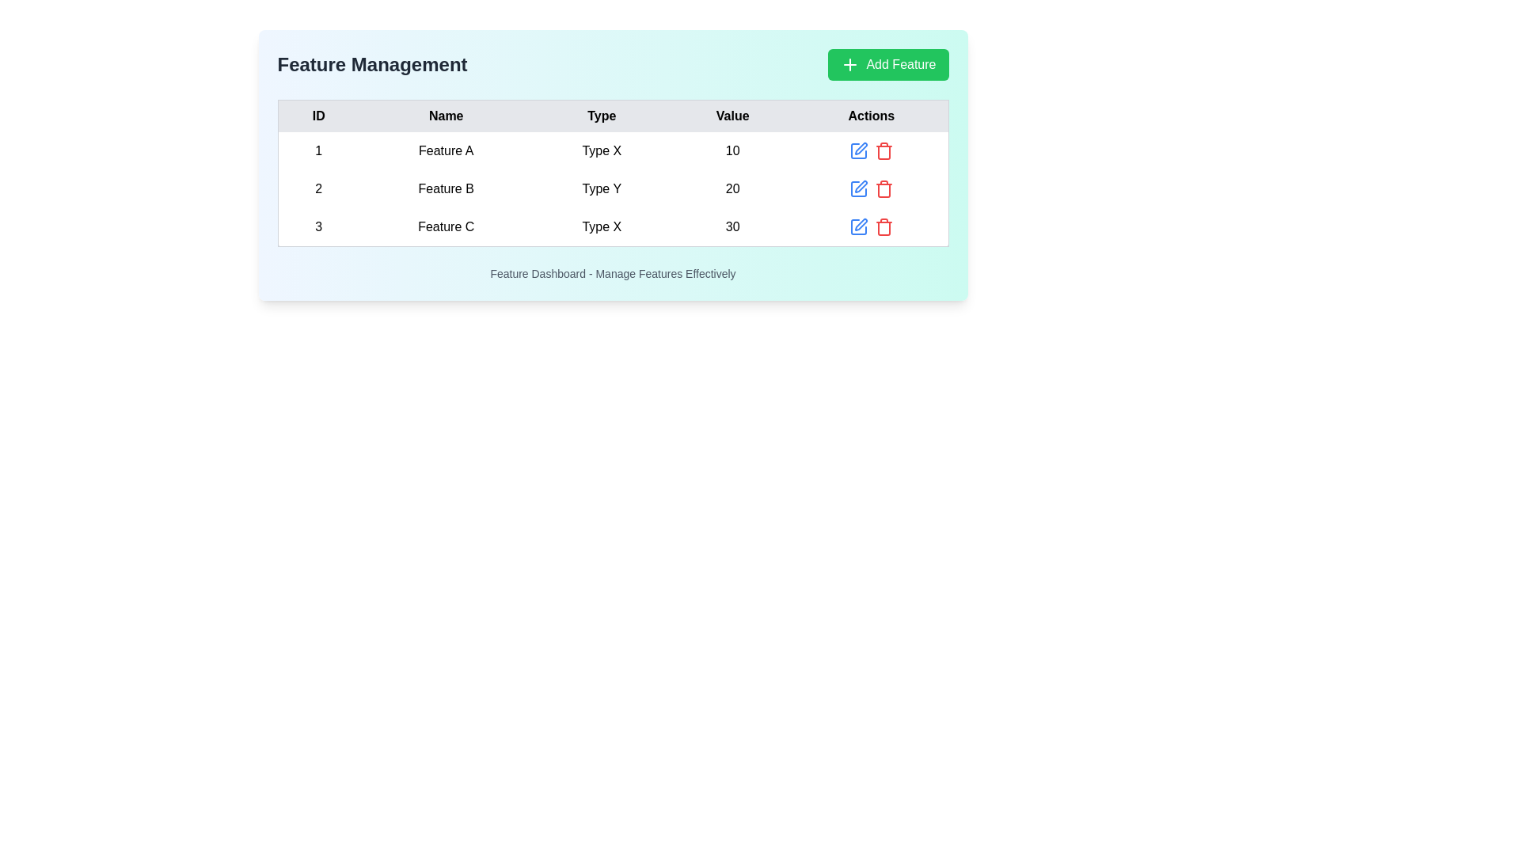 The height and width of the screenshot is (855, 1520). Describe the element at coordinates (857, 188) in the screenshot. I see `the Edit button/icon, which resembles a blue pen or pencil located in the second row of the table under the 'Actions' column` at that location.